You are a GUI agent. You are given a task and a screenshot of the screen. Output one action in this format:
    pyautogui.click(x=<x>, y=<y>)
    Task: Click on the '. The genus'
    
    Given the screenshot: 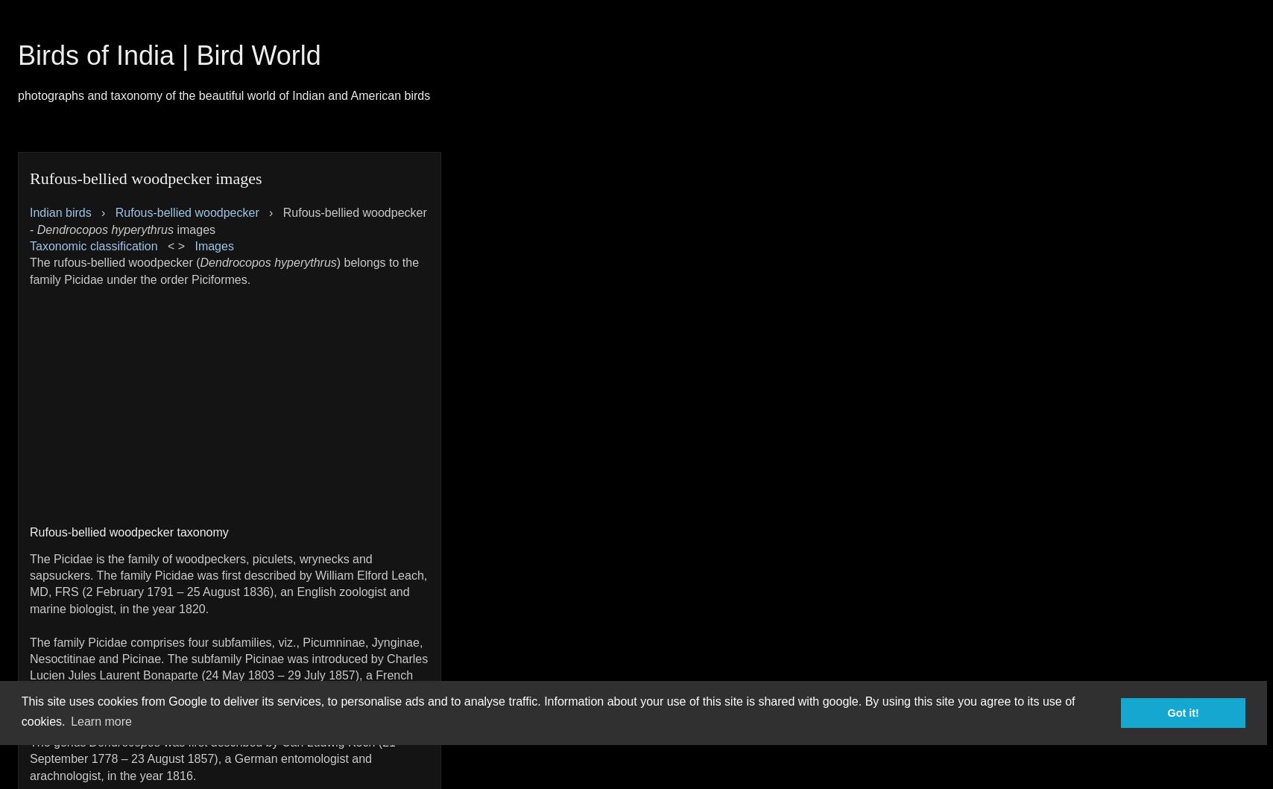 What is the action you would take?
    pyautogui.click(x=228, y=732)
    